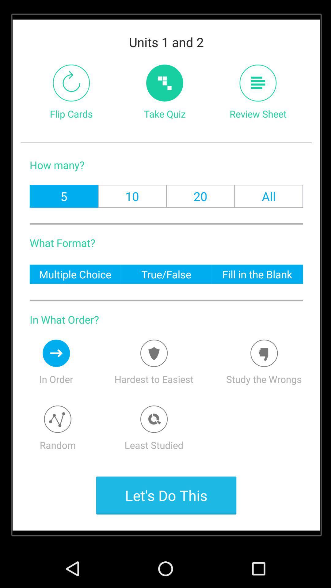 The height and width of the screenshot is (588, 331). Describe the element at coordinates (258, 89) in the screenshot. I see `the menu icon` at that location.